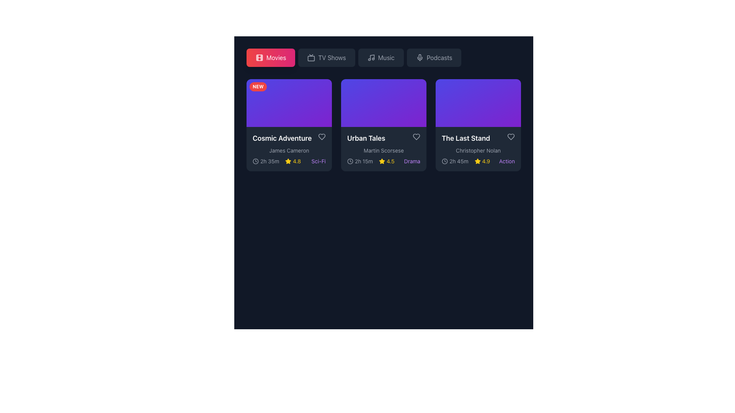 The height and width of the screenshot is (413, 735). I want to click on the Movies, TV Shows, Music, or Podcasts category in the navigation bar located at the top of the content section, so click(384, 57).